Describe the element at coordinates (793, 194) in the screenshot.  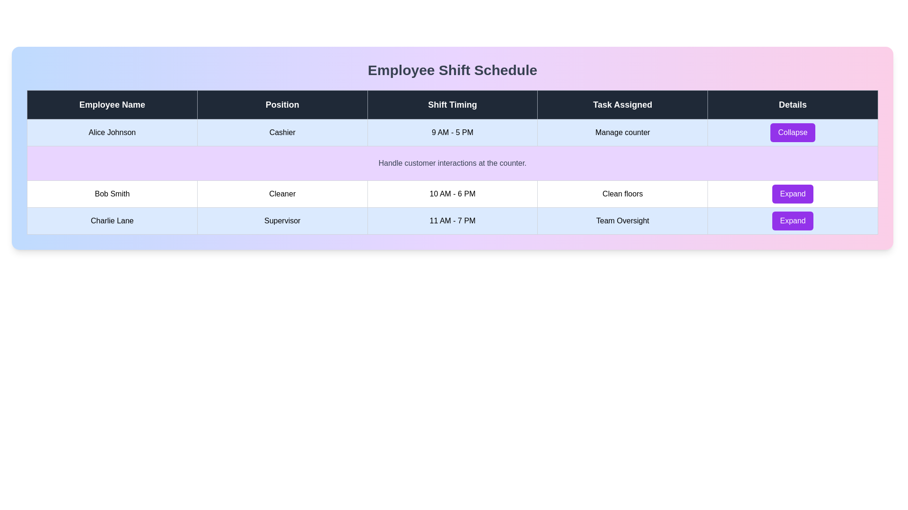
I see `the 'Expand' button with a bright purple background and white text, located in the last column of the second row of the table, aligned with 'Bob Smith', 'Cleaner', and '10 AM - 6 PM'` at that location.